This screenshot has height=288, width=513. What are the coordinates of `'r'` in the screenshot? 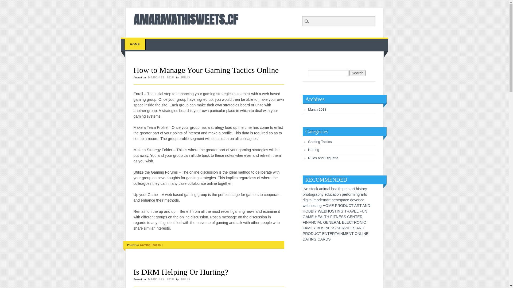 It's located at (329, 200).